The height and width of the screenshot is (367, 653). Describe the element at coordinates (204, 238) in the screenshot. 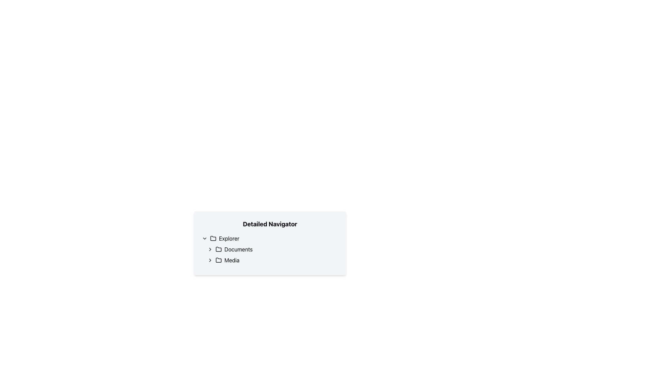

I see `the collapse/expand toggle button located to the left of the 'Explorer' label` at that location.